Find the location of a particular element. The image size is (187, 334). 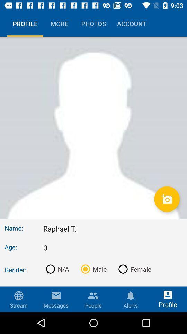

the photo icon is located at coordinates (167, 199).